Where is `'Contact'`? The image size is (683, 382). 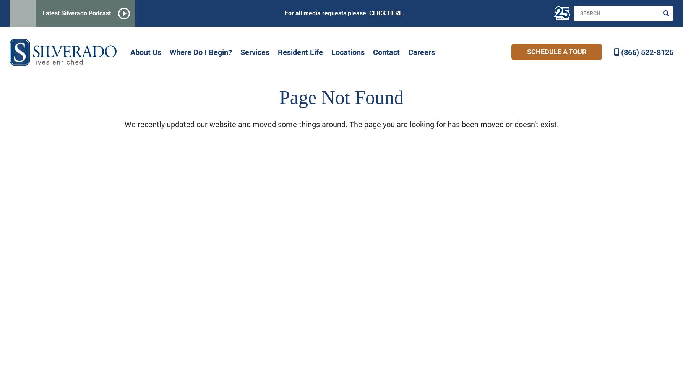
'Contact' is located at coordinates (386, 52).